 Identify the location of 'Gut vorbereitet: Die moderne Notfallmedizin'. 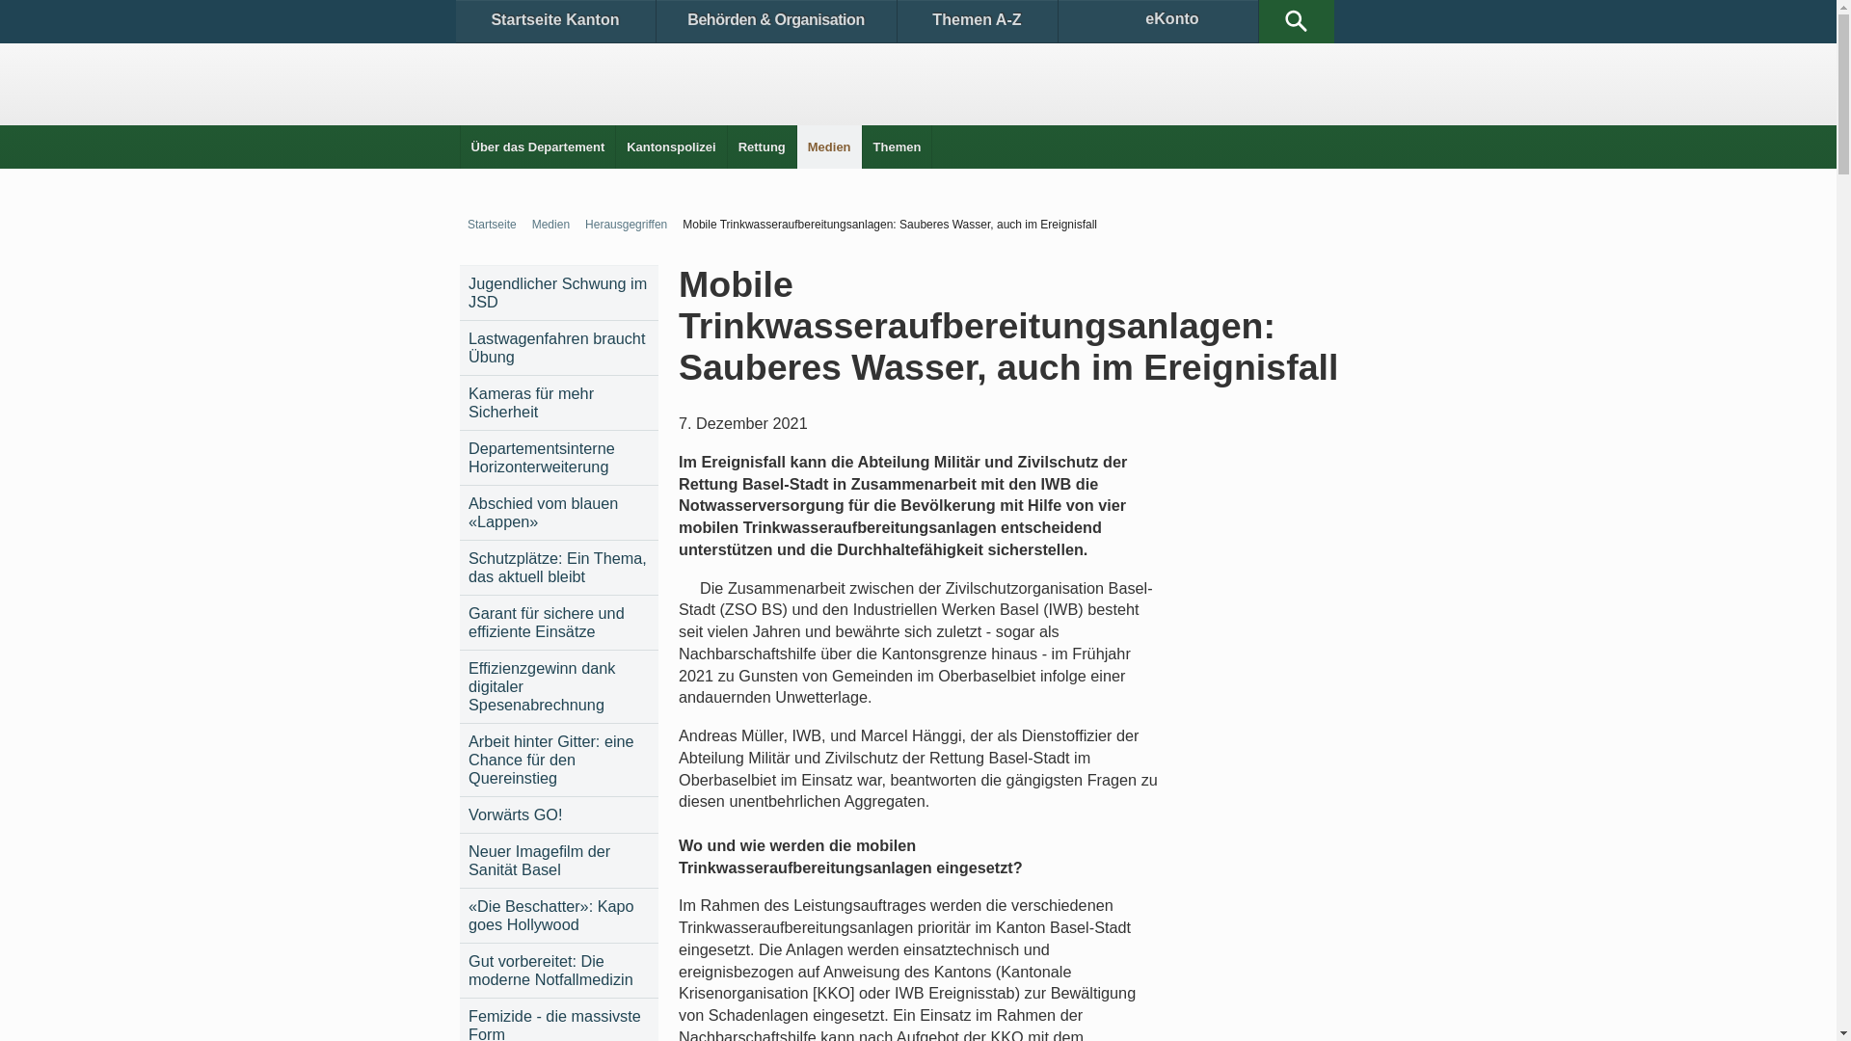
(558, 970).